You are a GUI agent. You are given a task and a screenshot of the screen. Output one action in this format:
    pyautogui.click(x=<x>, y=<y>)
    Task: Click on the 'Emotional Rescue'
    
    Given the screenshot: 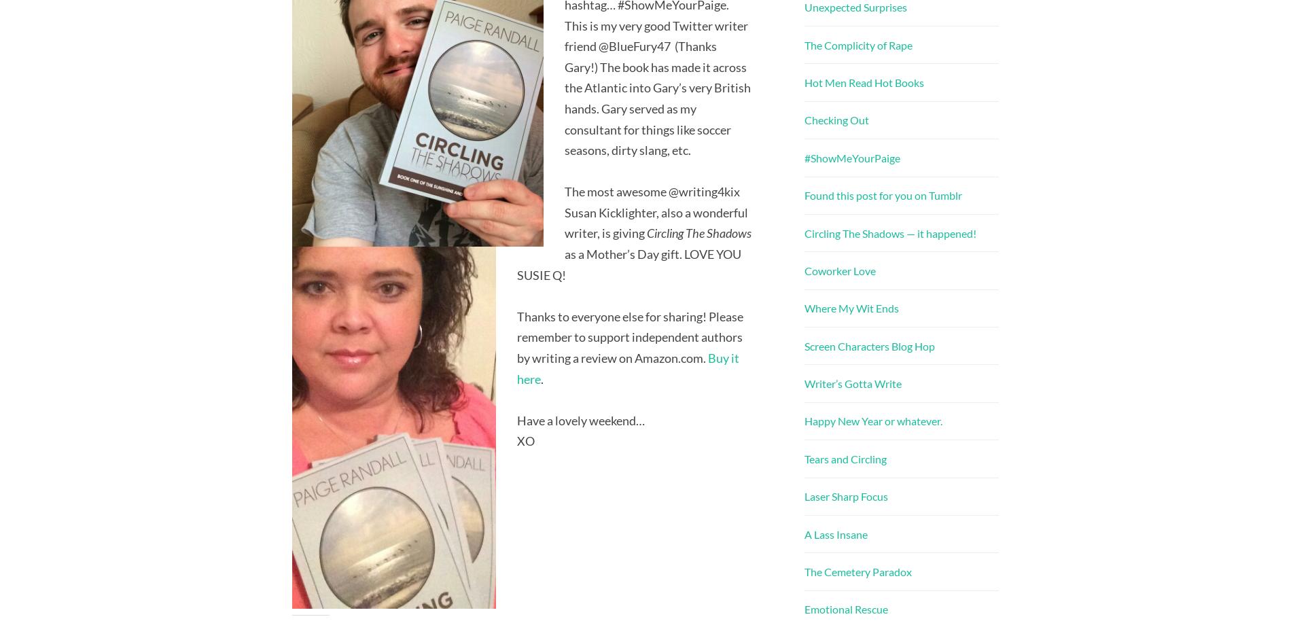 What is the action you would take?
    pyautogui.click(x=845, y=608)
    